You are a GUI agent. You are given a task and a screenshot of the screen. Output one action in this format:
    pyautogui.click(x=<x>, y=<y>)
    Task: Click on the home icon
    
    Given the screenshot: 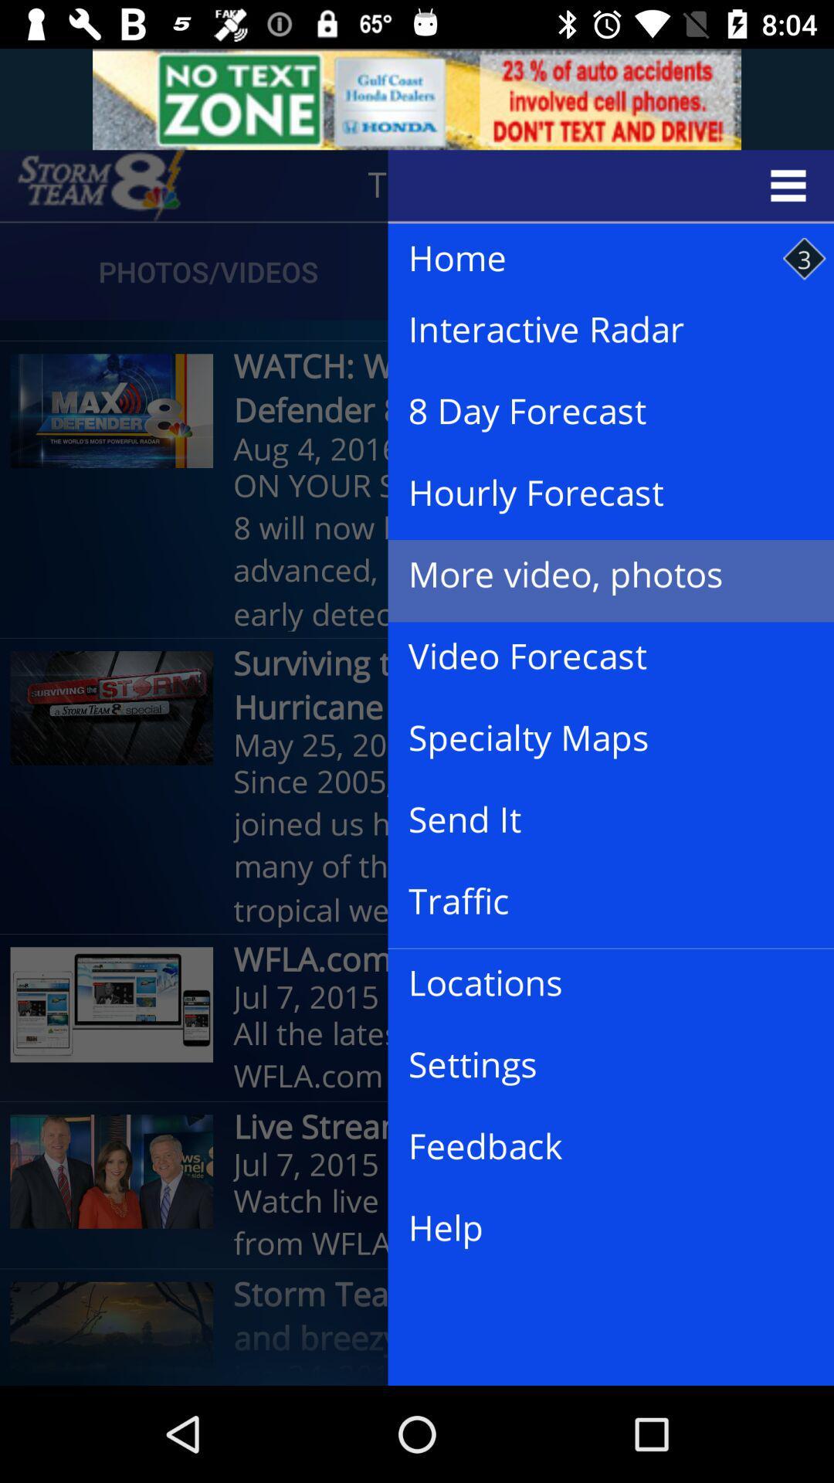 What is the action you would take?
    pyautogui.click(x=595, y=259)
    